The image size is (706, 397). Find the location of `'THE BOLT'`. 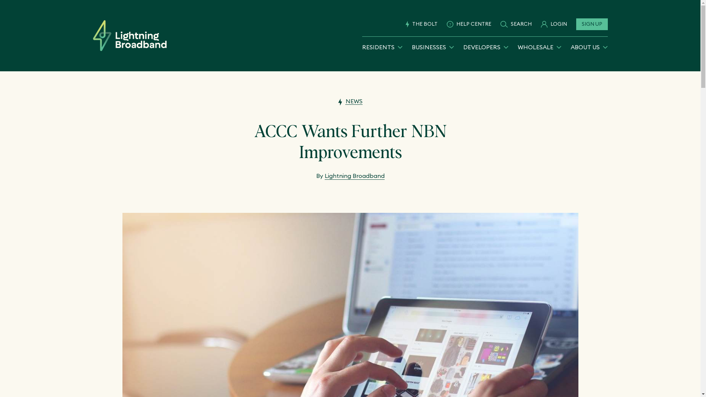

'THE BOLT' is located at coordinates (421, 24).